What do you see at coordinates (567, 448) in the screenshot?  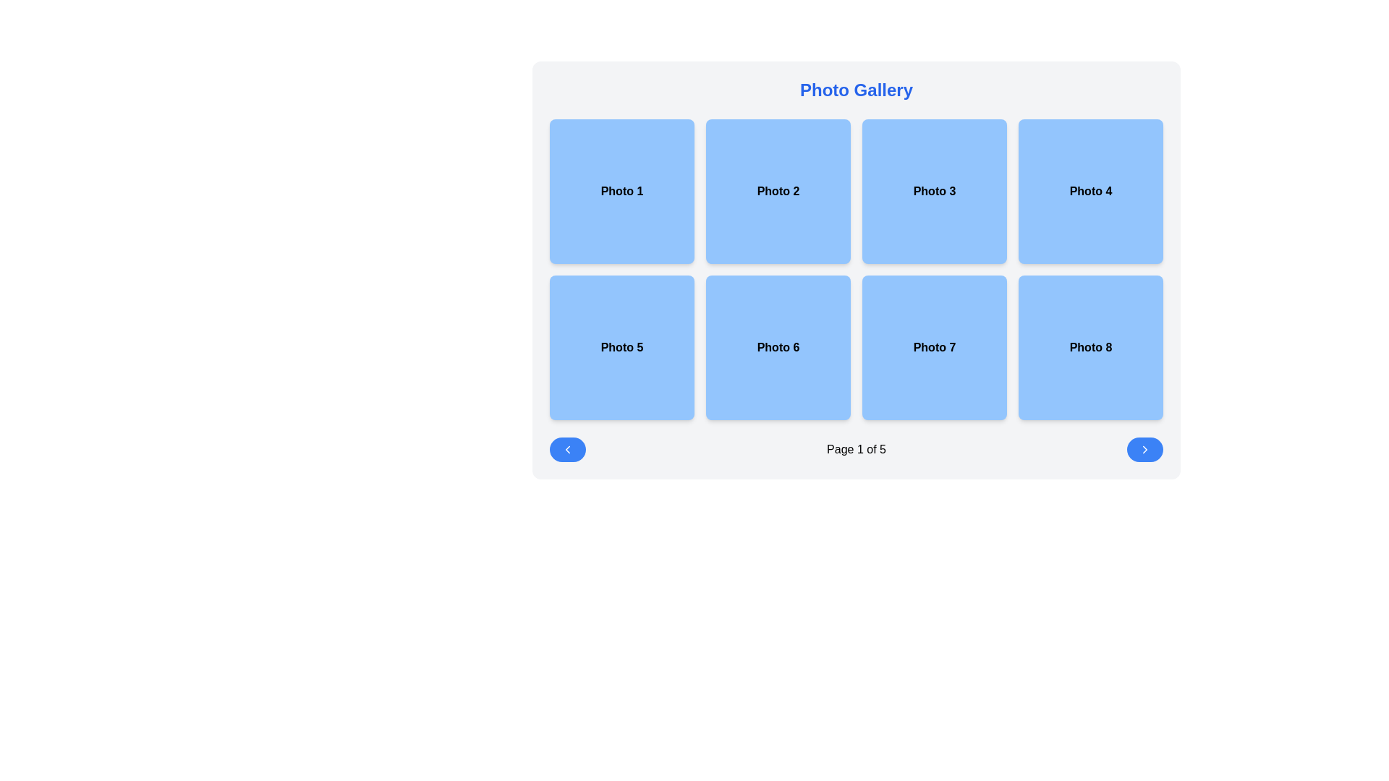 I see `the blue button with a left-facing chevron icon` at bounding box center [567, 448].